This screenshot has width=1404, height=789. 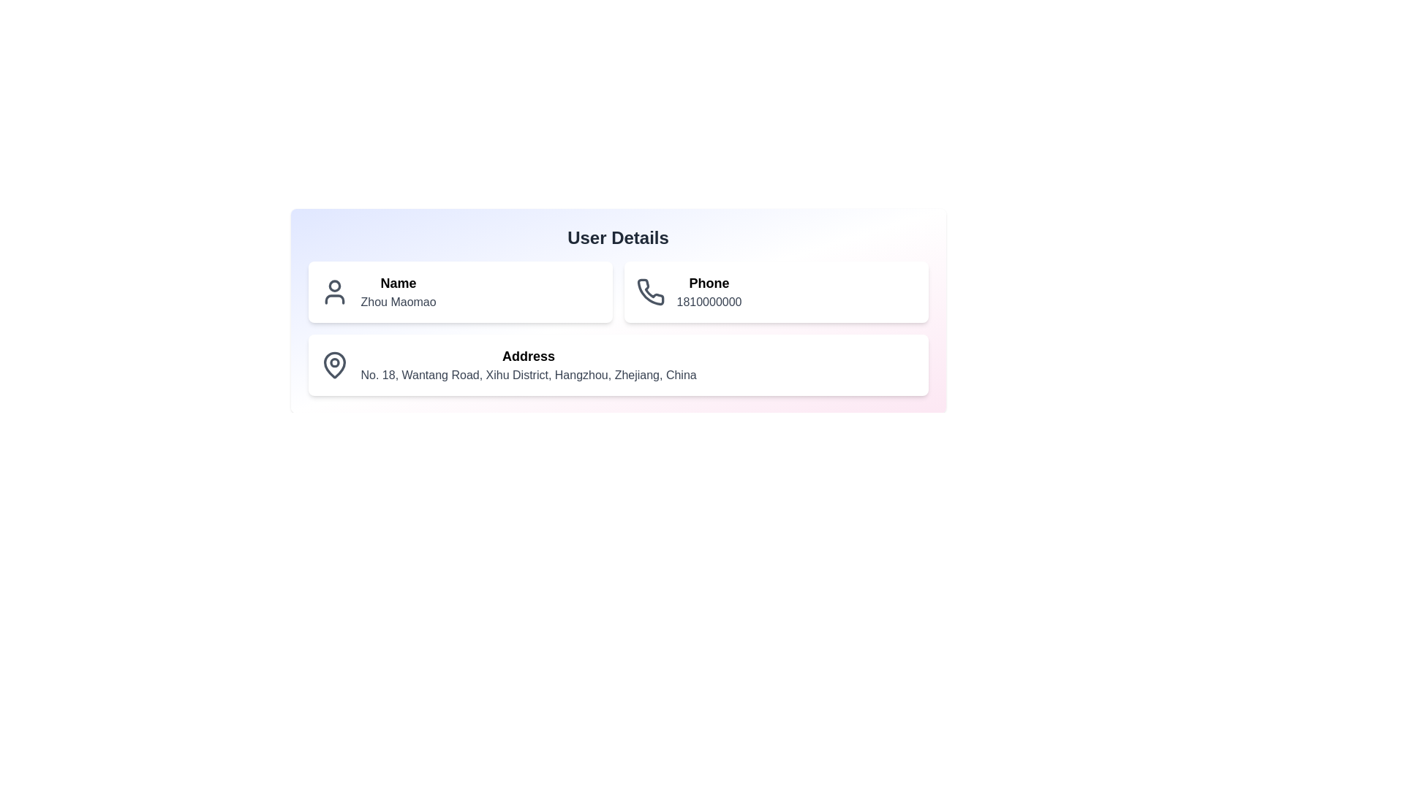 I want to click on the Text header positioned at the top center of the main content area, which serves as the title for the user information section, so click(x=618, y=237).